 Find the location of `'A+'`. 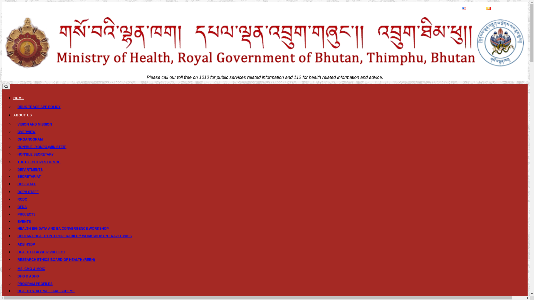

'A+' is located at coordinates (523, 7).